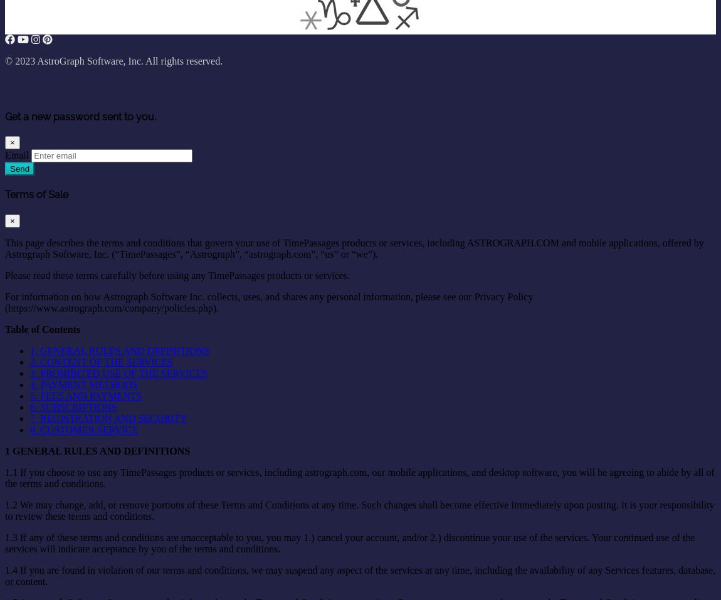  I want to click on '1 GENERAL RULES AND DEFINITIONS', so click(97, 450).